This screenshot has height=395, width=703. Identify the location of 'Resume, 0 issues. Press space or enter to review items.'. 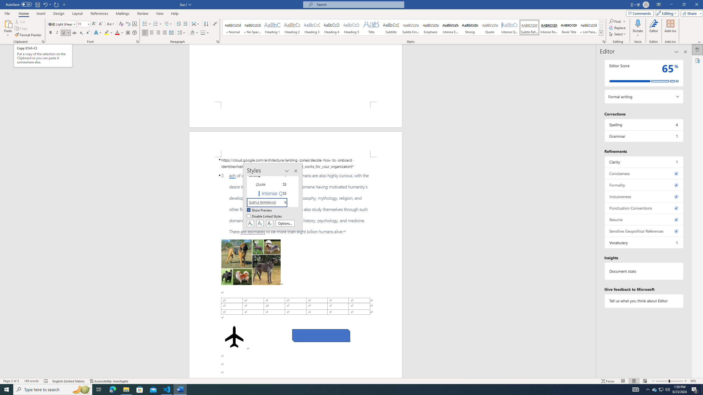
(643, 219).